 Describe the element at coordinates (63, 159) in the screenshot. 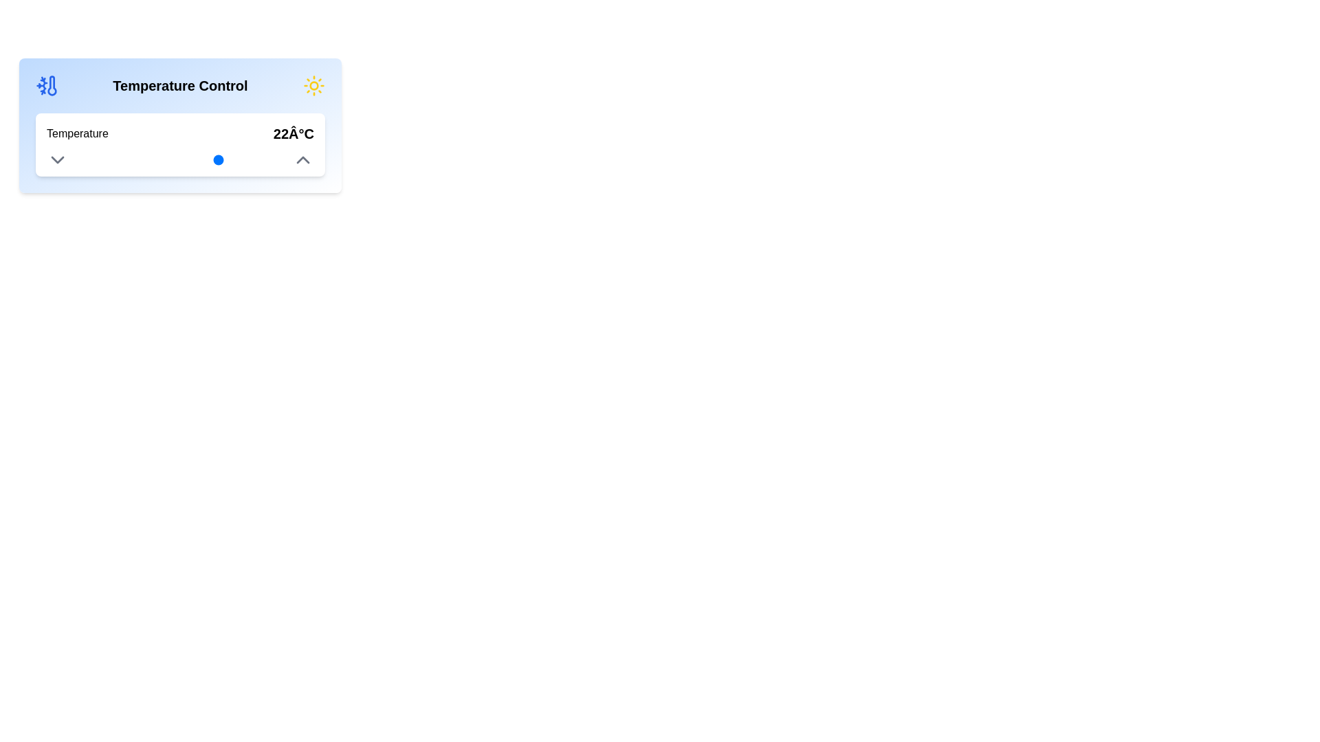

I see `the temperature` at that location.